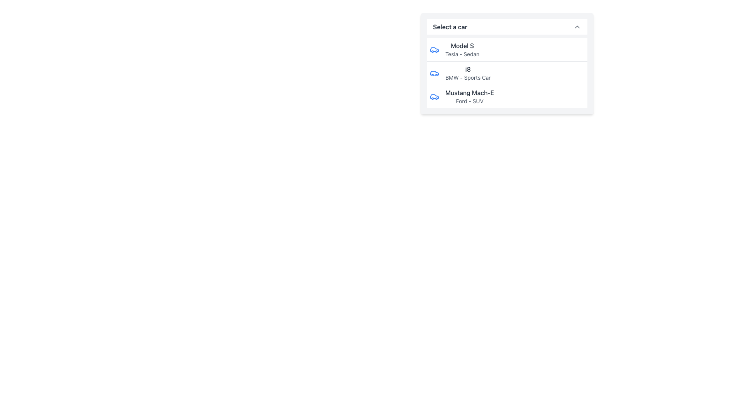  Describe the element at coordinates (507, 63) in the screenshot. I see `the dropdown menu element labeled 'Select a car', specifically targeting the second option in the vertical list` at that location.